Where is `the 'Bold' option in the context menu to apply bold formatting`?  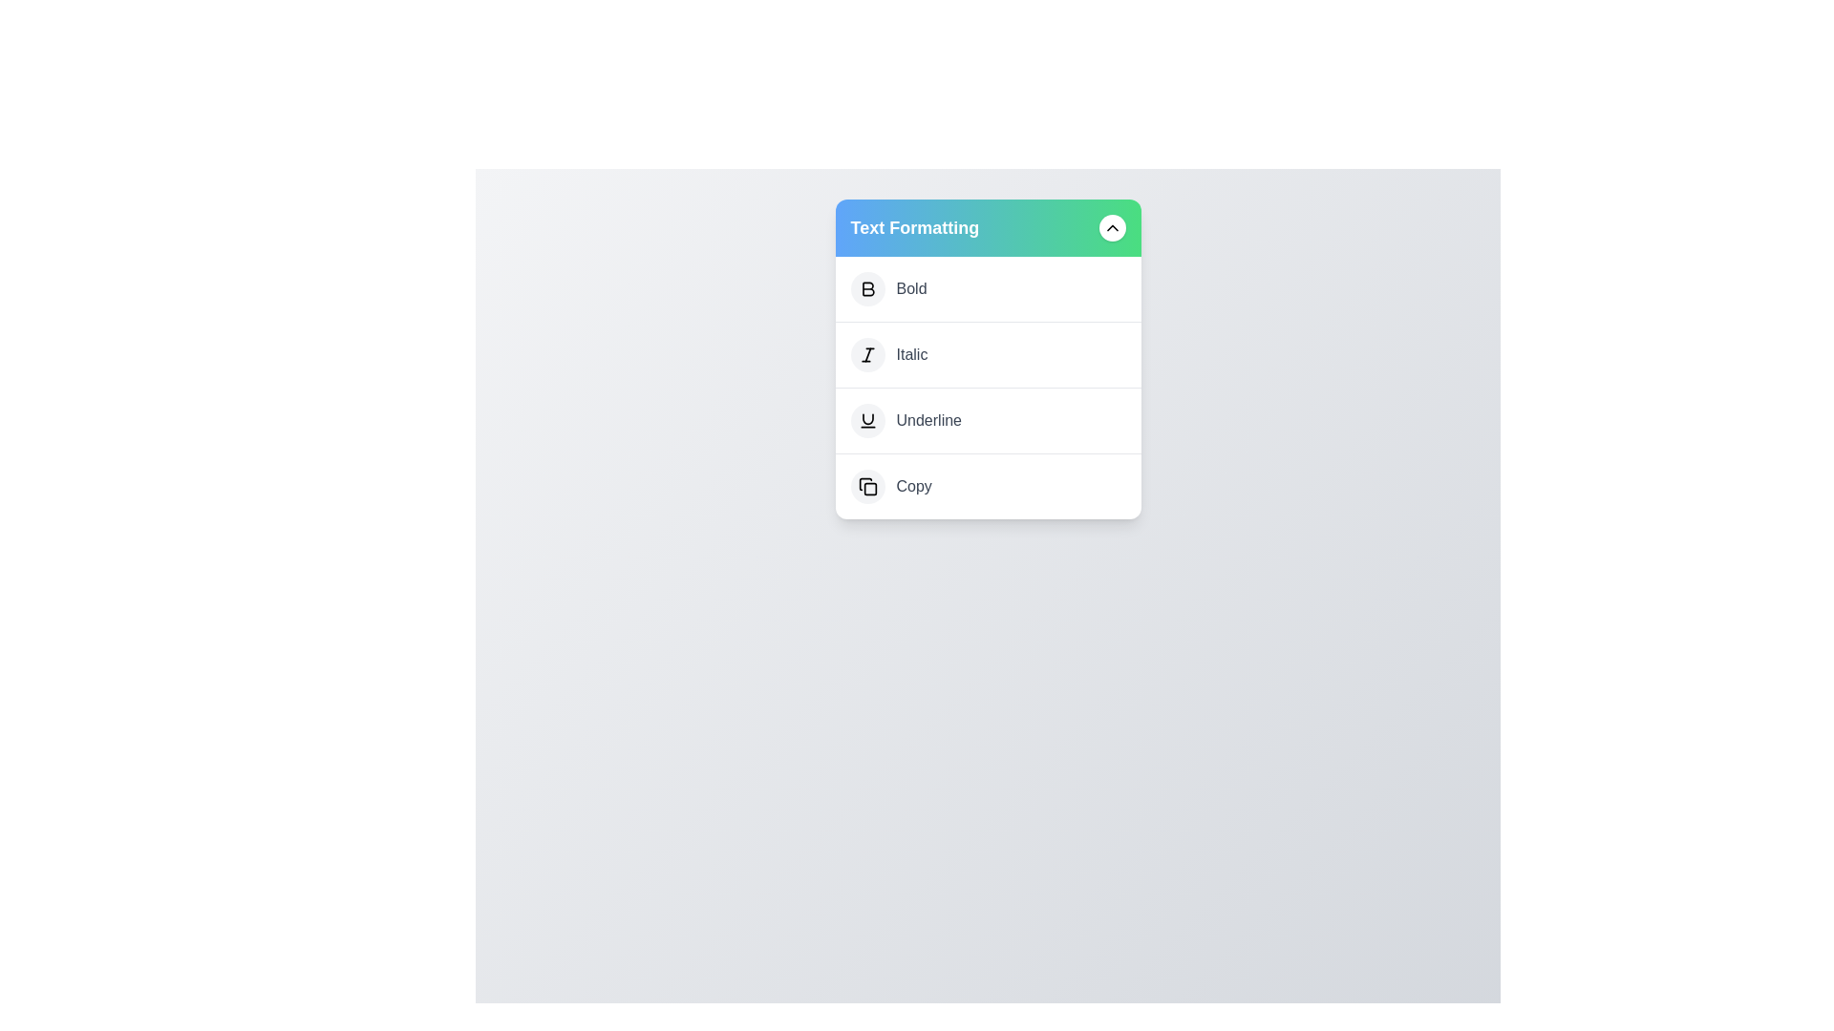 the 'Bold' option in the context menu to apply bold formatting is located at coordinates (910, 289).